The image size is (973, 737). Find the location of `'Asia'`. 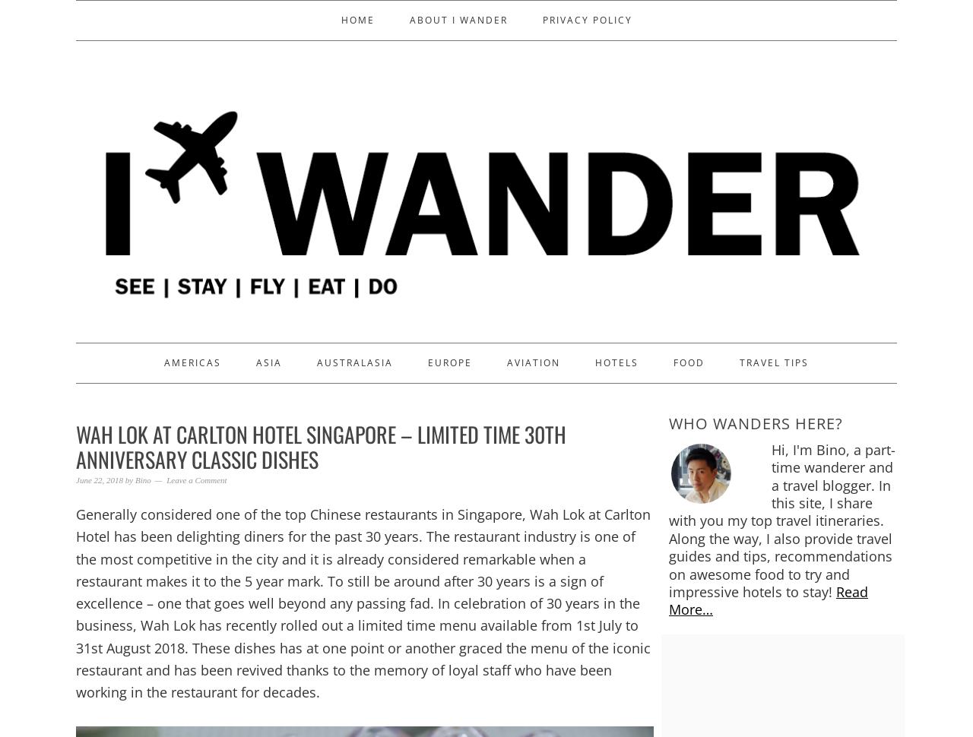

'Asia' is located at coordinates (269, 361).